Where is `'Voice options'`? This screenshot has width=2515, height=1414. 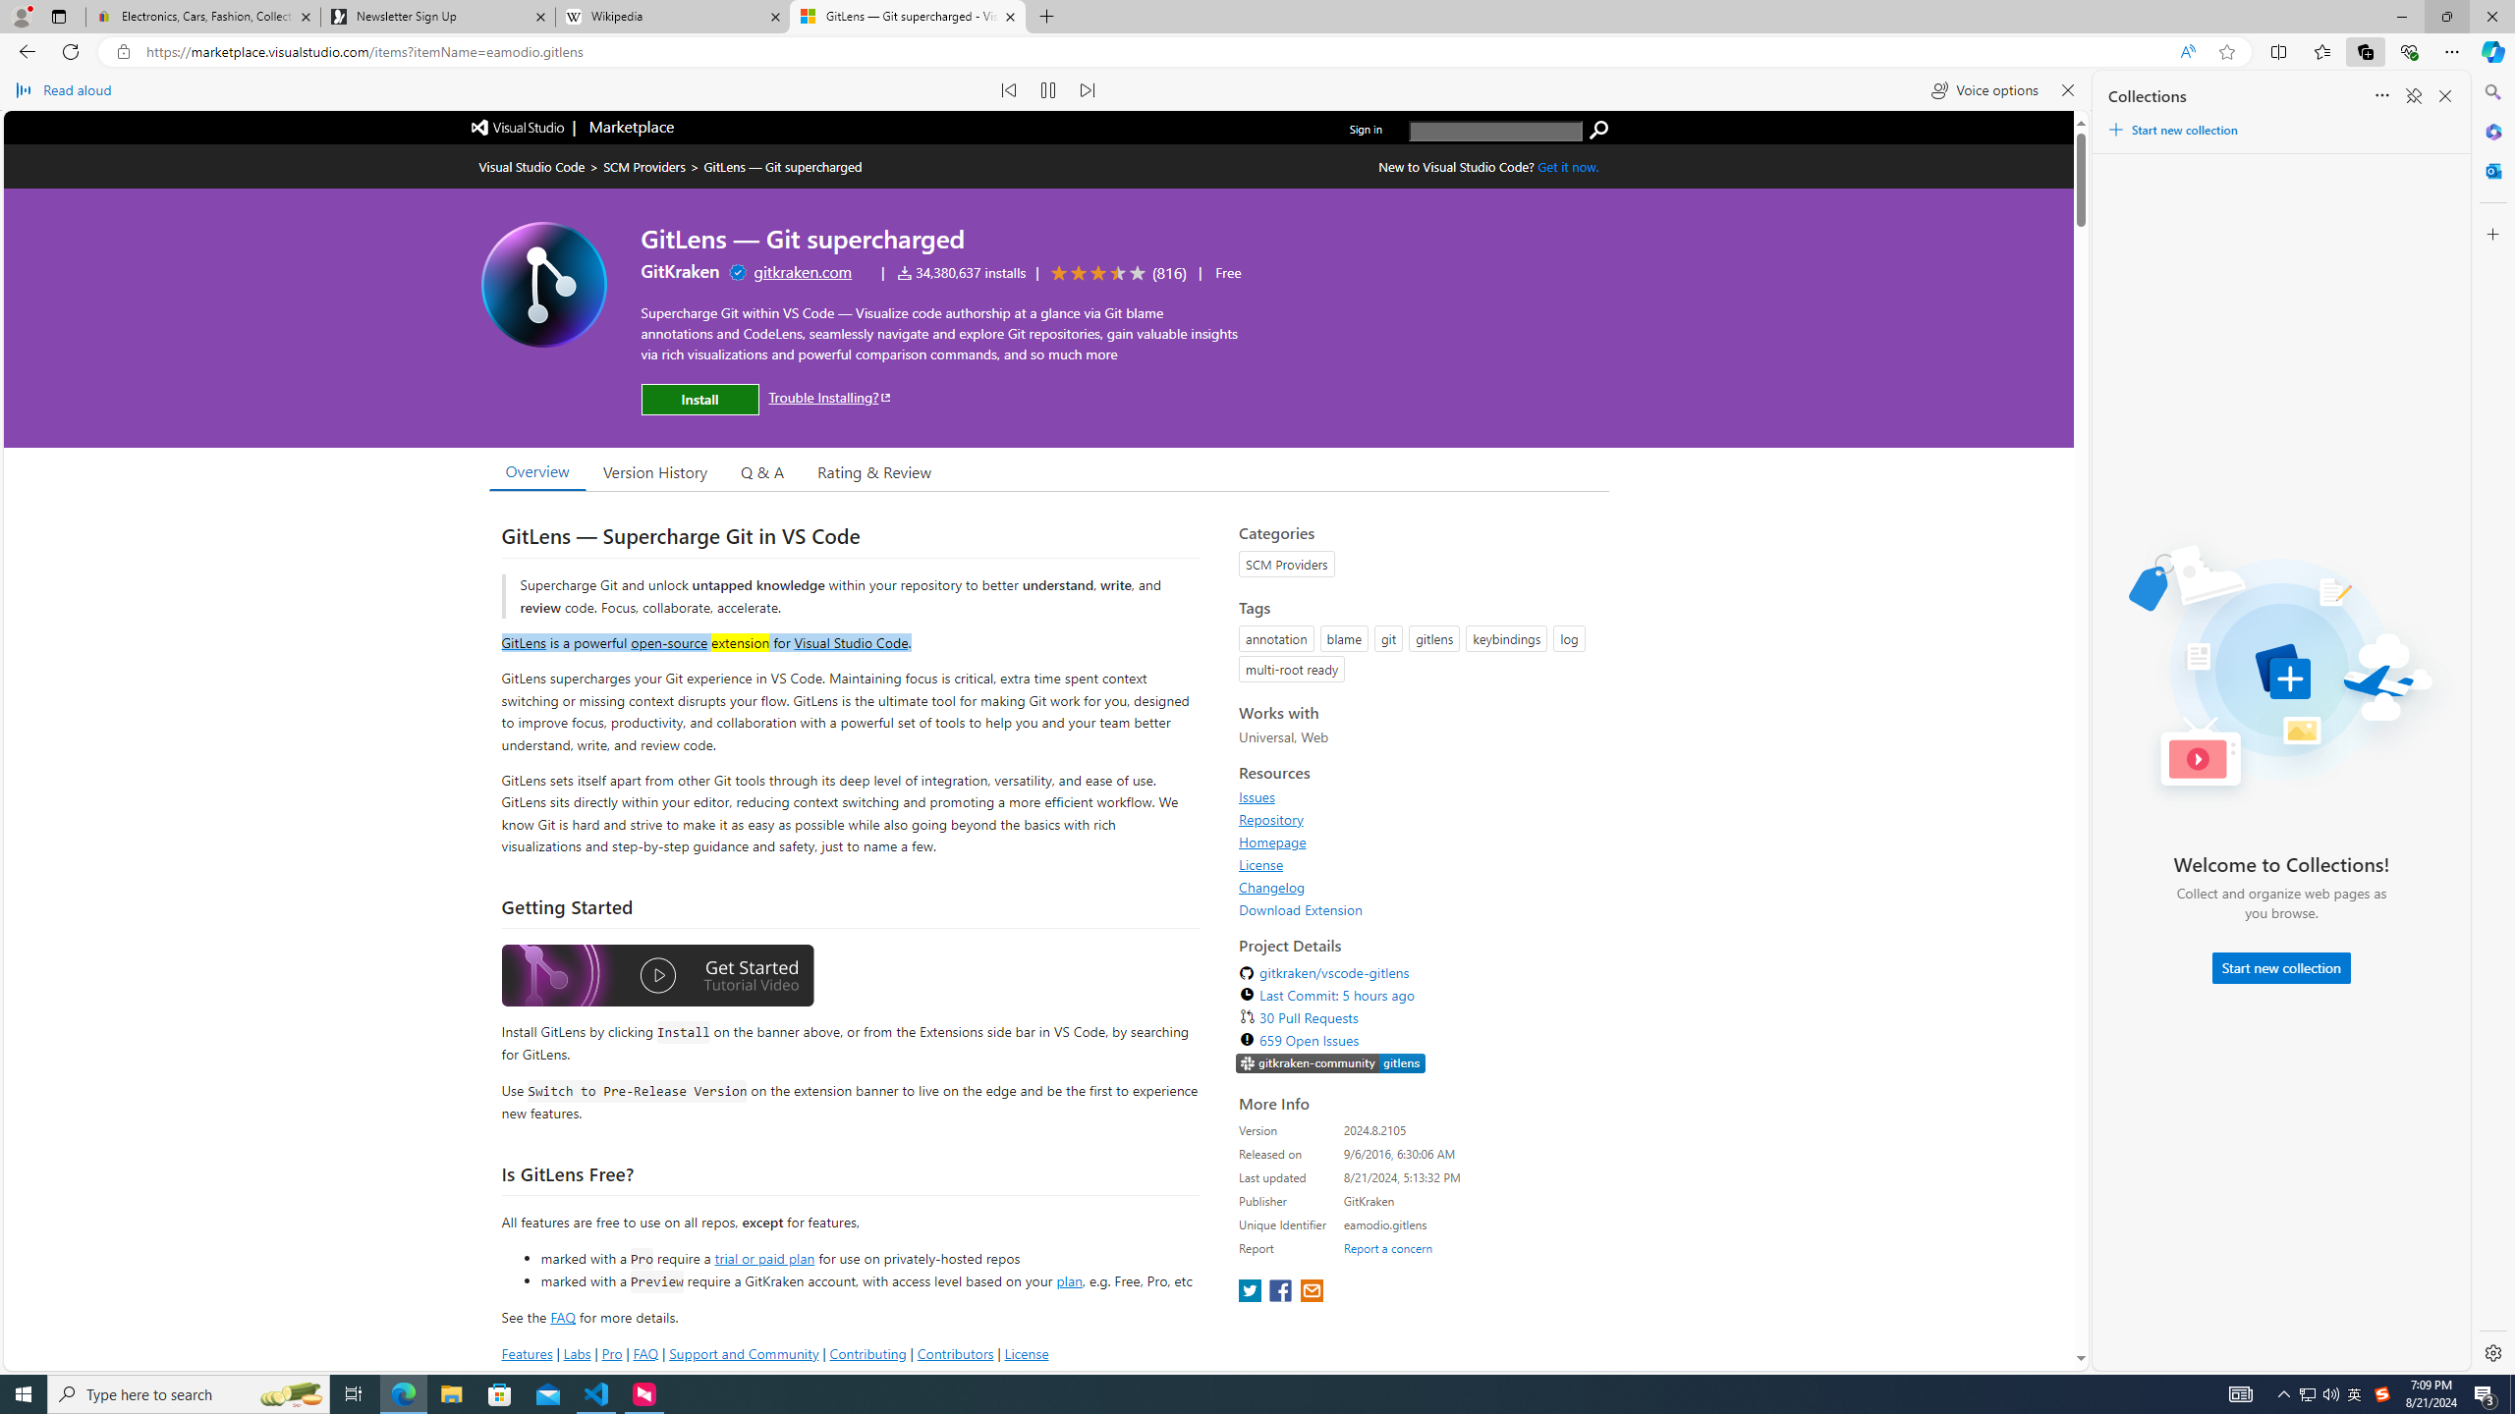
'Voice options' is located at coordinates (1985, 89).